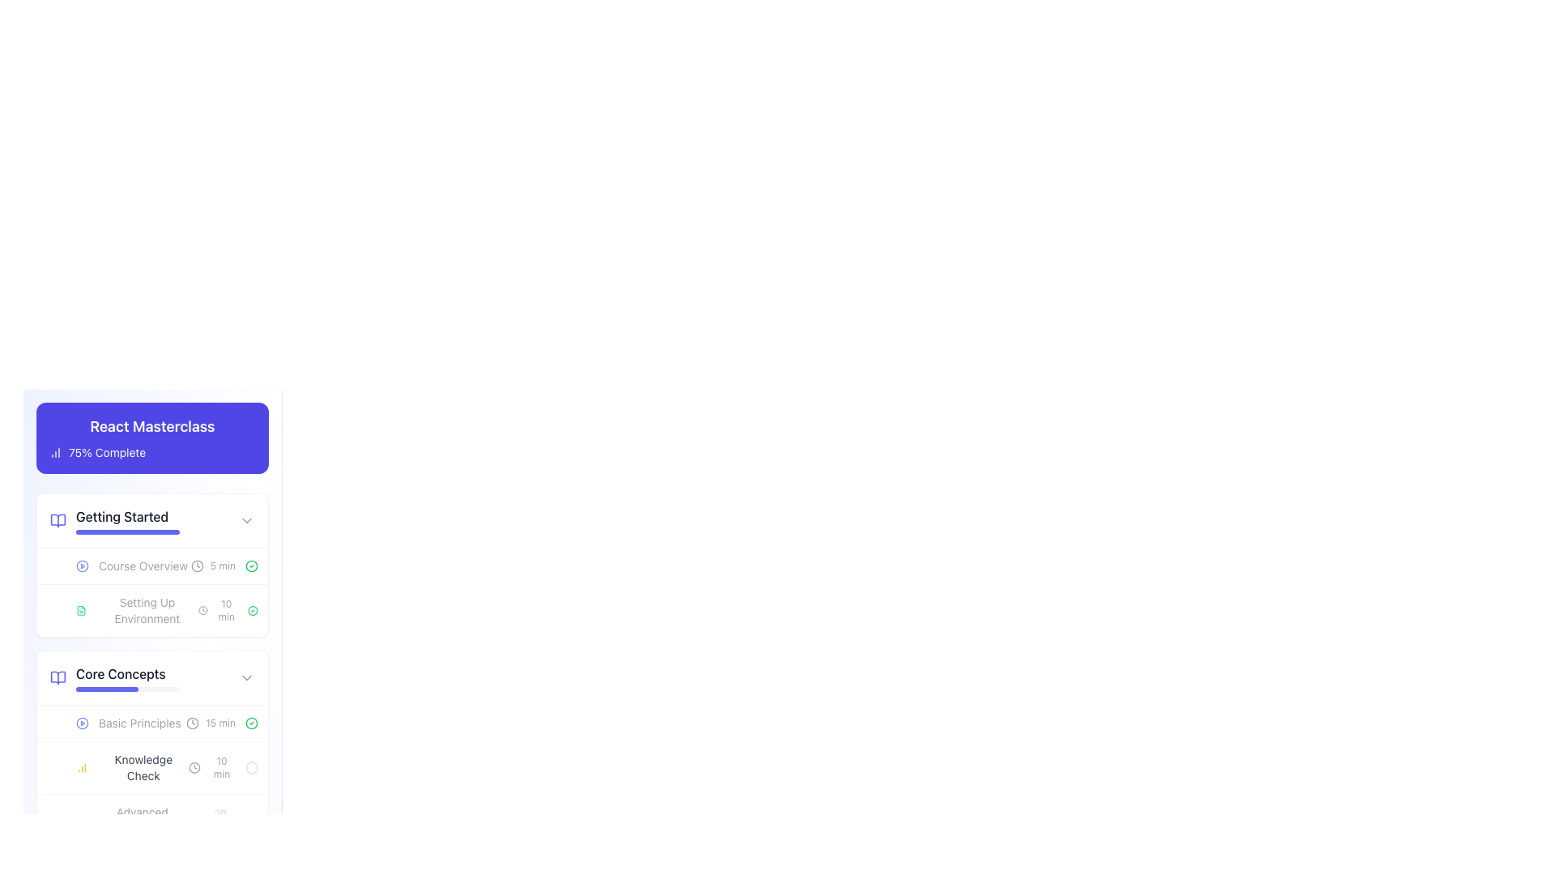 This screenshot has height=875, width=1555. Describe the element at coordinates (132, 565) in the screenshot. I see `to select the 'Course Overview' element, which features a play icon on the left and is part of the 'Getting Started' section under 'React Masterclass'` at that location.